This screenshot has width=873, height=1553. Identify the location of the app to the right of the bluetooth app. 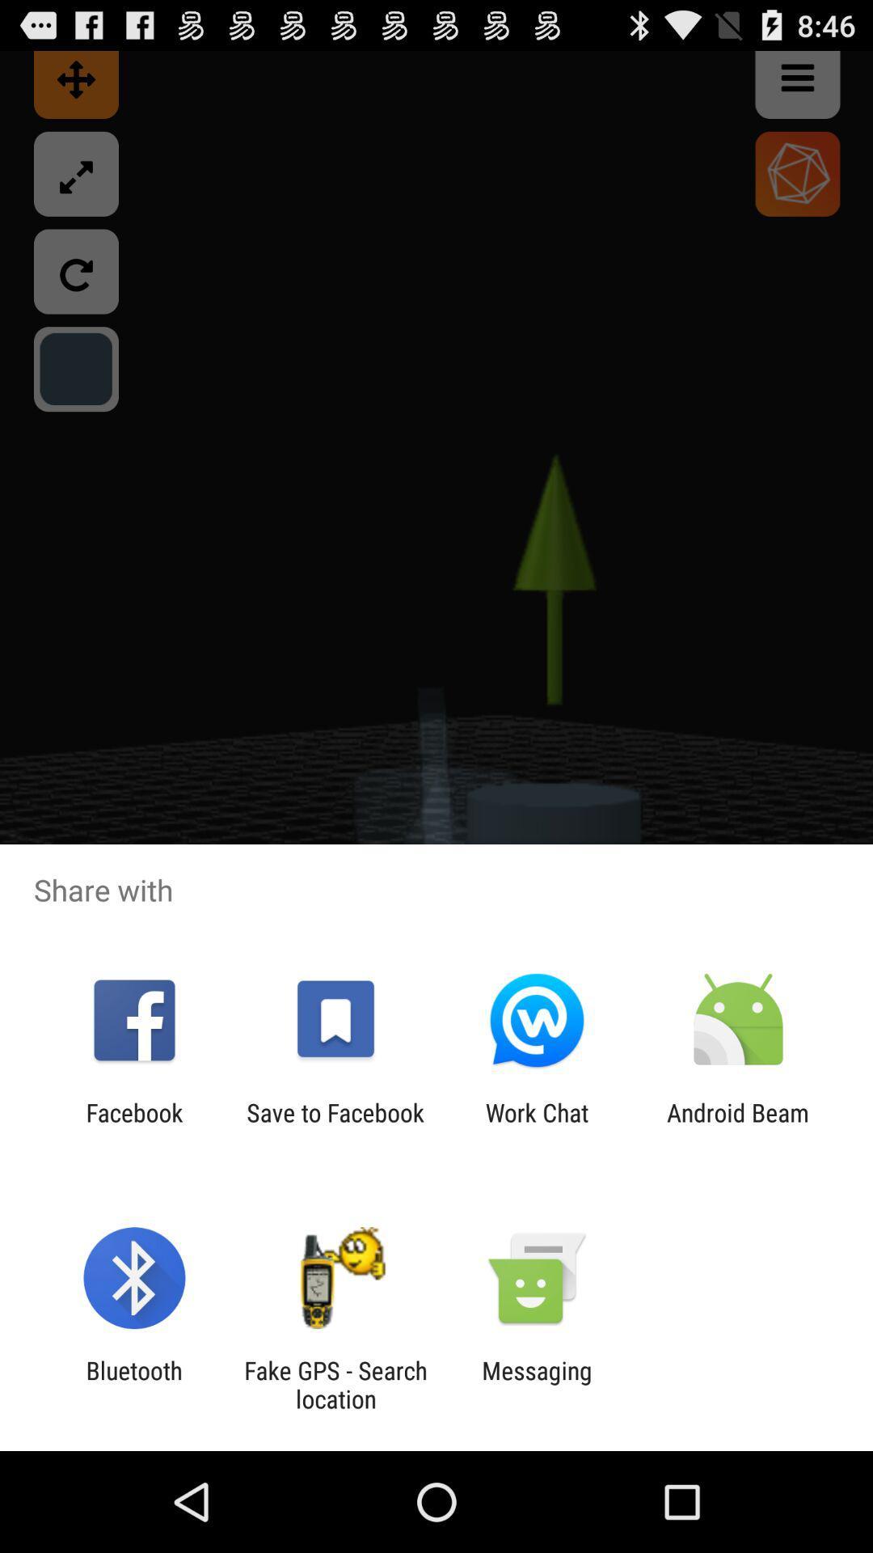
(335, 1384).